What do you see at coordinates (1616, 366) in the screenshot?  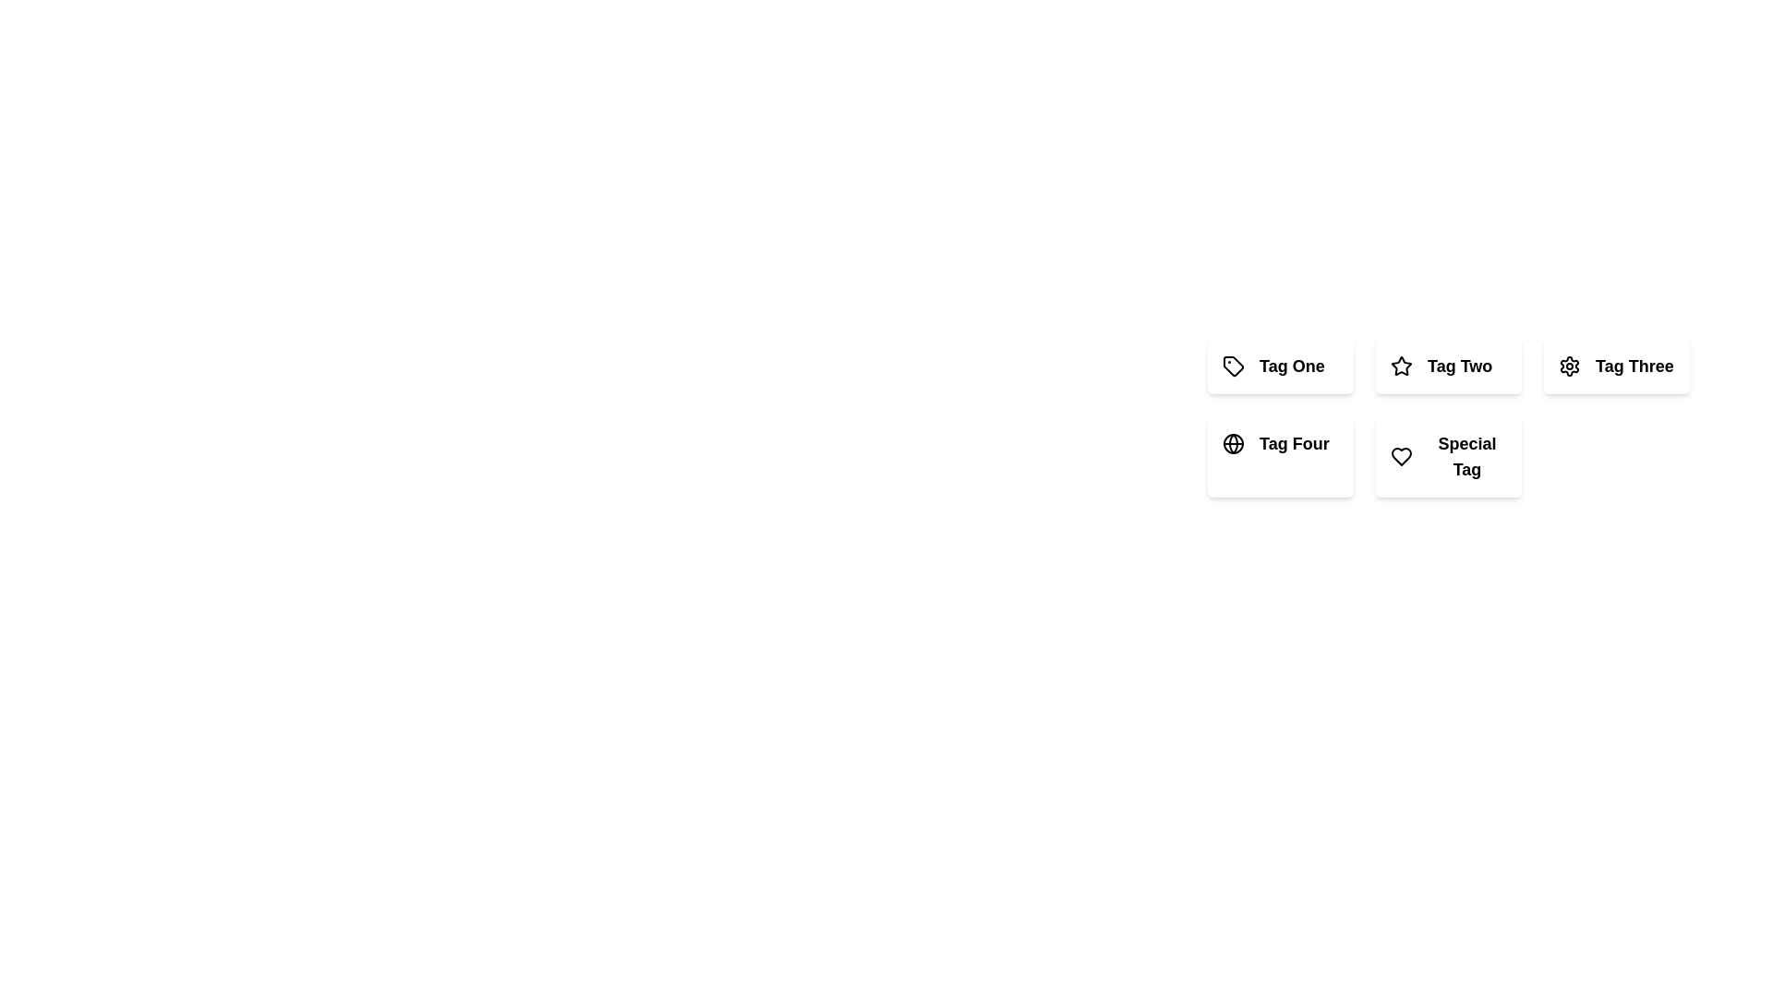 I see `the Card-style button labeled 'Tag Three' with a gear icon on the left, which is the third item in the top row of the grid layout` at bounding box center [1616, 366].